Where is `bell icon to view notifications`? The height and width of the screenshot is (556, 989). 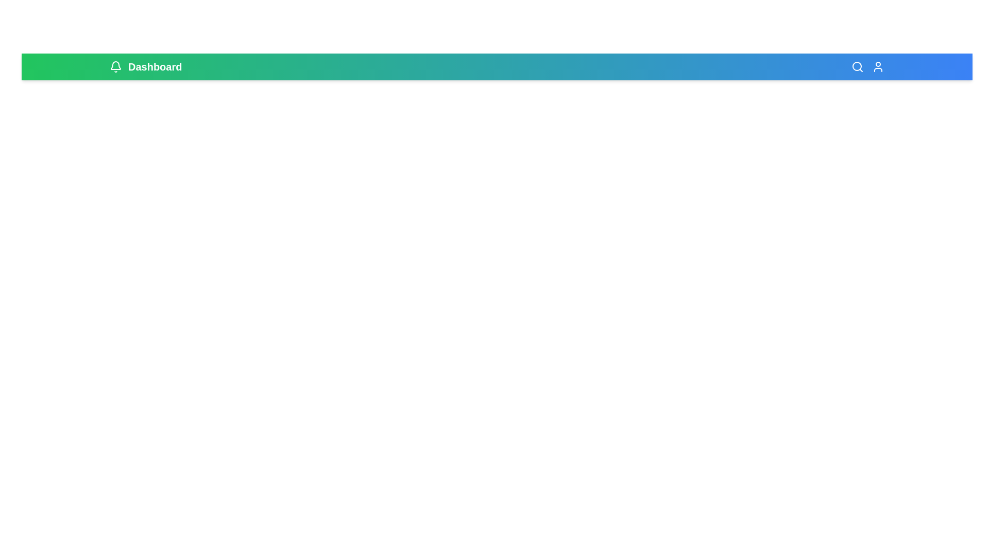
bell icon to view notifications is located at coordinates (116, 67).